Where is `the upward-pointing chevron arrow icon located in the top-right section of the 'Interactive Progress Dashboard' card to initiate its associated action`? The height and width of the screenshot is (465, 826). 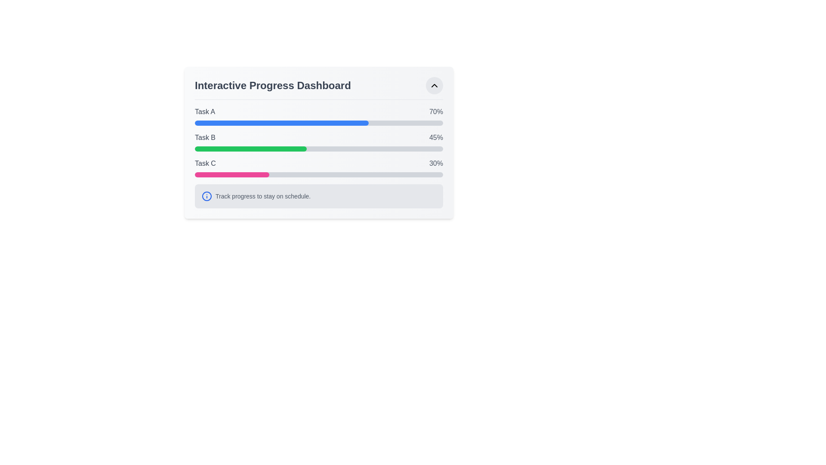
the upward-pointing chevron arrow icon located in the top-right section of the 'Interactive Progress Dashboard' card to initiate its associated action is located at coordinates (434, 86).